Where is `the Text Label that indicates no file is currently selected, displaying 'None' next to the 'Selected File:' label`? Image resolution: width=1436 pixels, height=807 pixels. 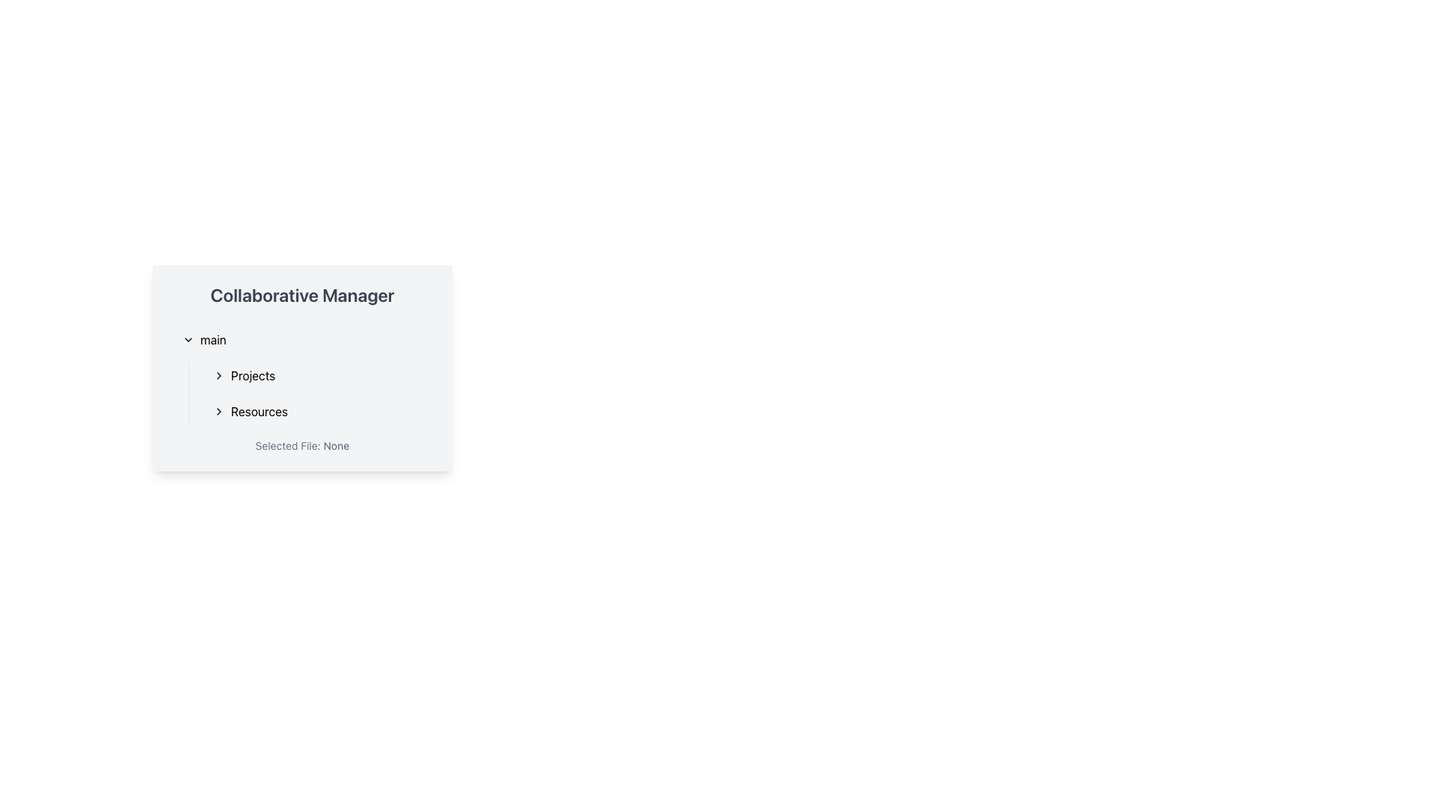 the Text Label that indicates no file is currently selected, displaying 'None' next to the 'Selected File:' label is located at coordinates (335, 445).